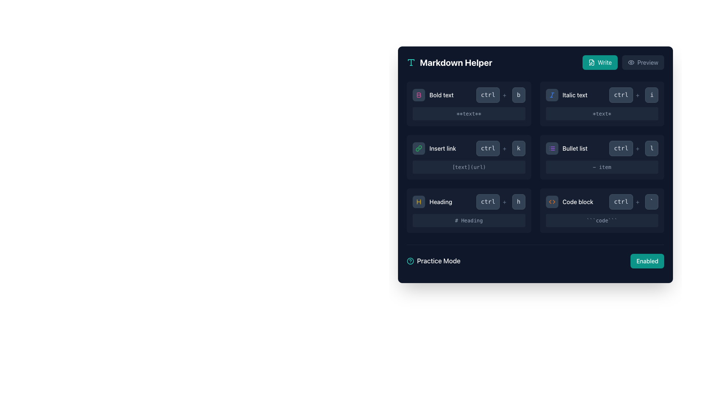  I want to click on the text label representing the 'ctrl' key, which is styled as a button and positioned in the top right corner of the highlighted card on the 'Insert link' row, so click(488, 148).